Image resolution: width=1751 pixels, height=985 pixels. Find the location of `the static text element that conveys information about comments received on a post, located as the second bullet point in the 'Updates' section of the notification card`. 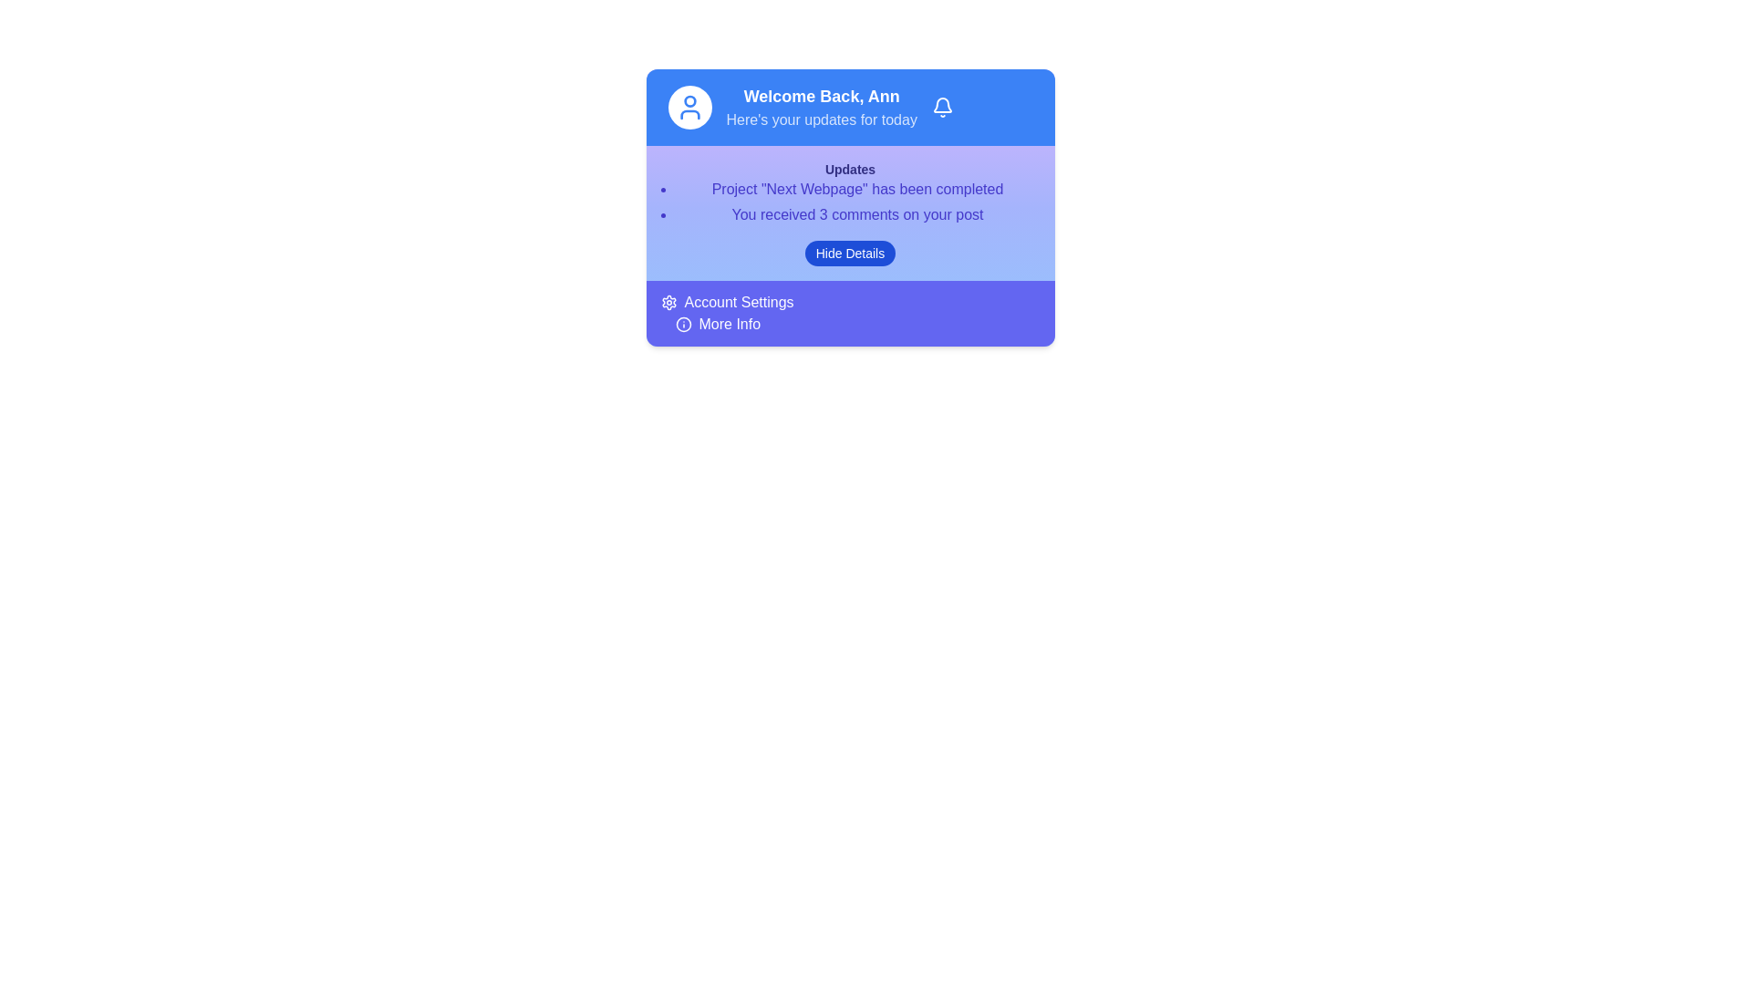

the static text element that conveys information about comments received on a post, located as the second bullet point in the 'Updates' section of the notification card is located at coordinates (856, 213).